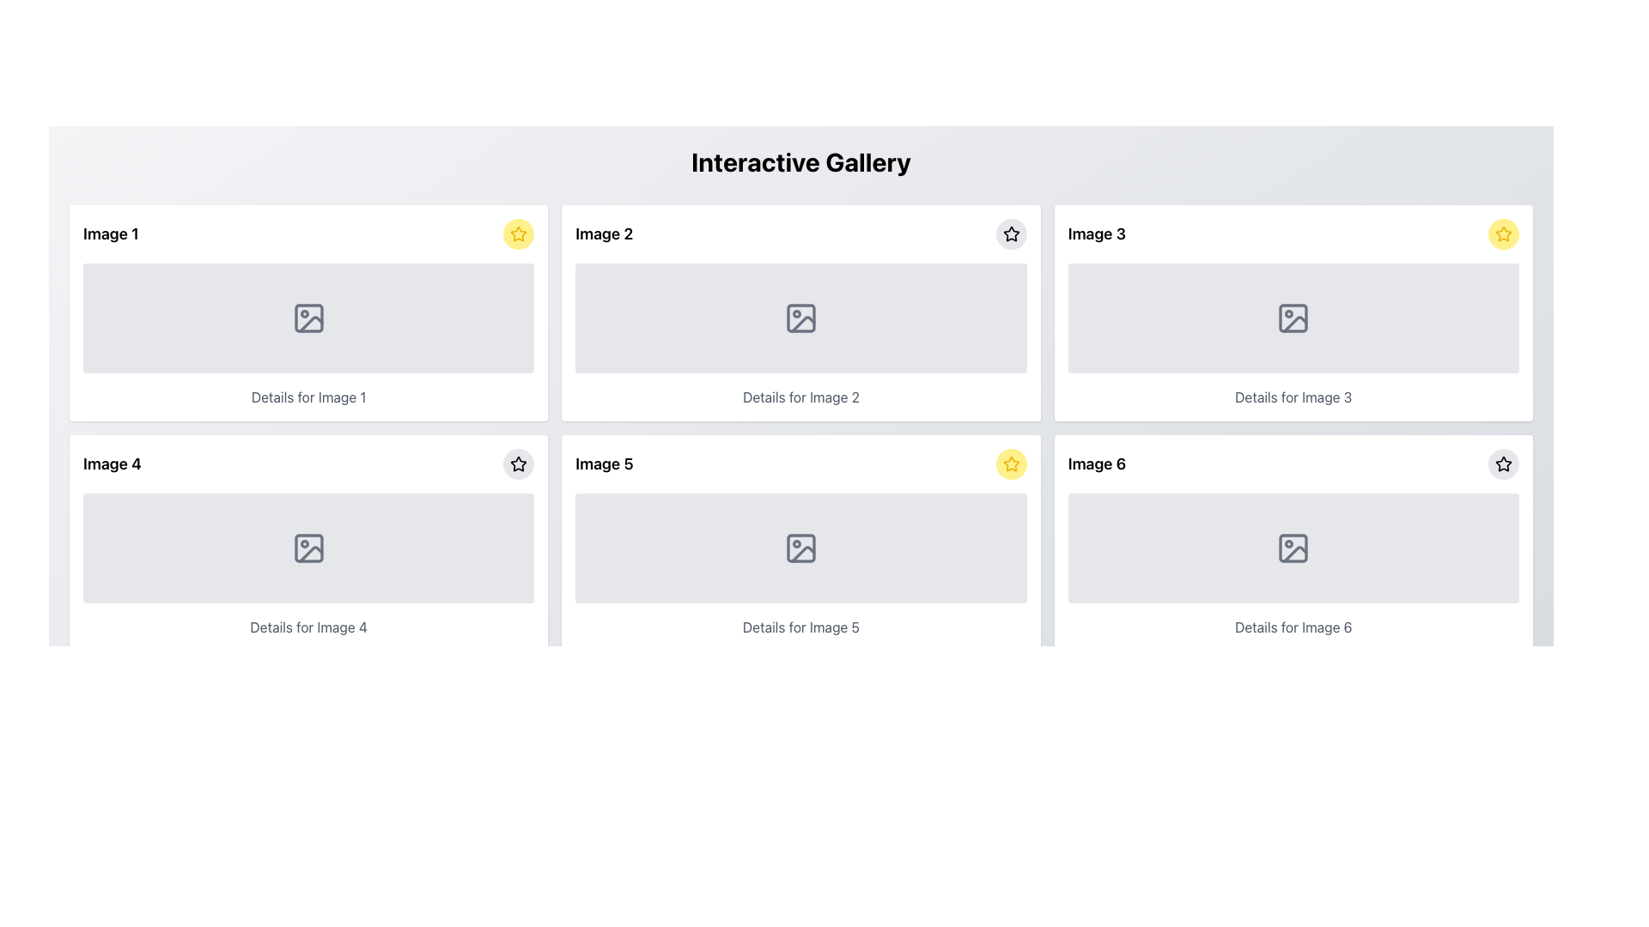  What do you see at coordinates (1096, 463) in the screenshot?
I see `the text element labeled 'Image 6'` at bounding box center [1096, 463].